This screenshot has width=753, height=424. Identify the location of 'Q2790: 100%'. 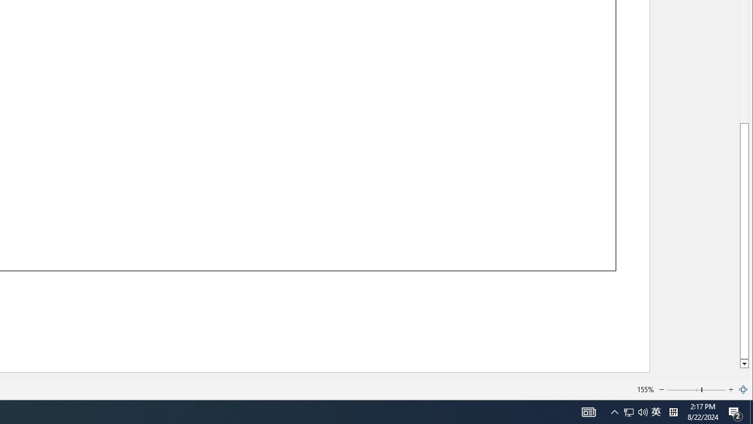
(642, 411).